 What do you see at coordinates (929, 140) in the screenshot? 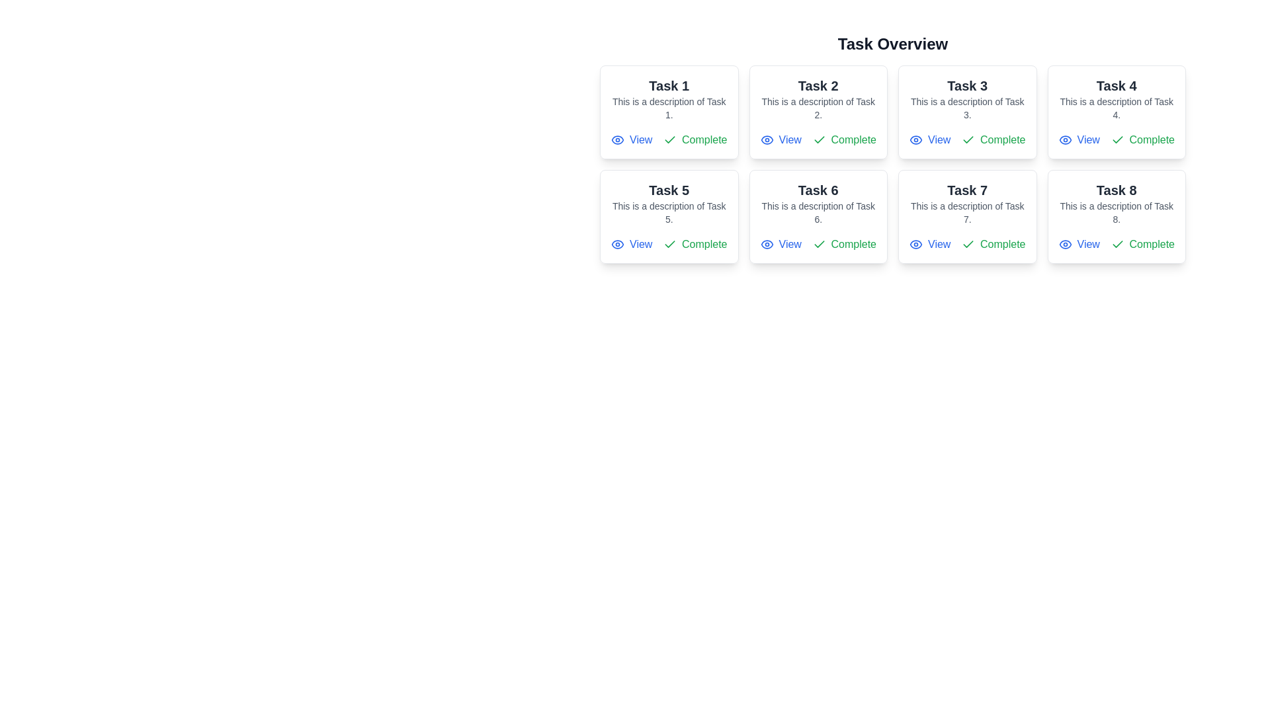
I see `the 'View' button, which is a clickable text label styled in blue italic with an eye icon on its left, located under the 'Task 3' card` at bounding box center [929, 140].